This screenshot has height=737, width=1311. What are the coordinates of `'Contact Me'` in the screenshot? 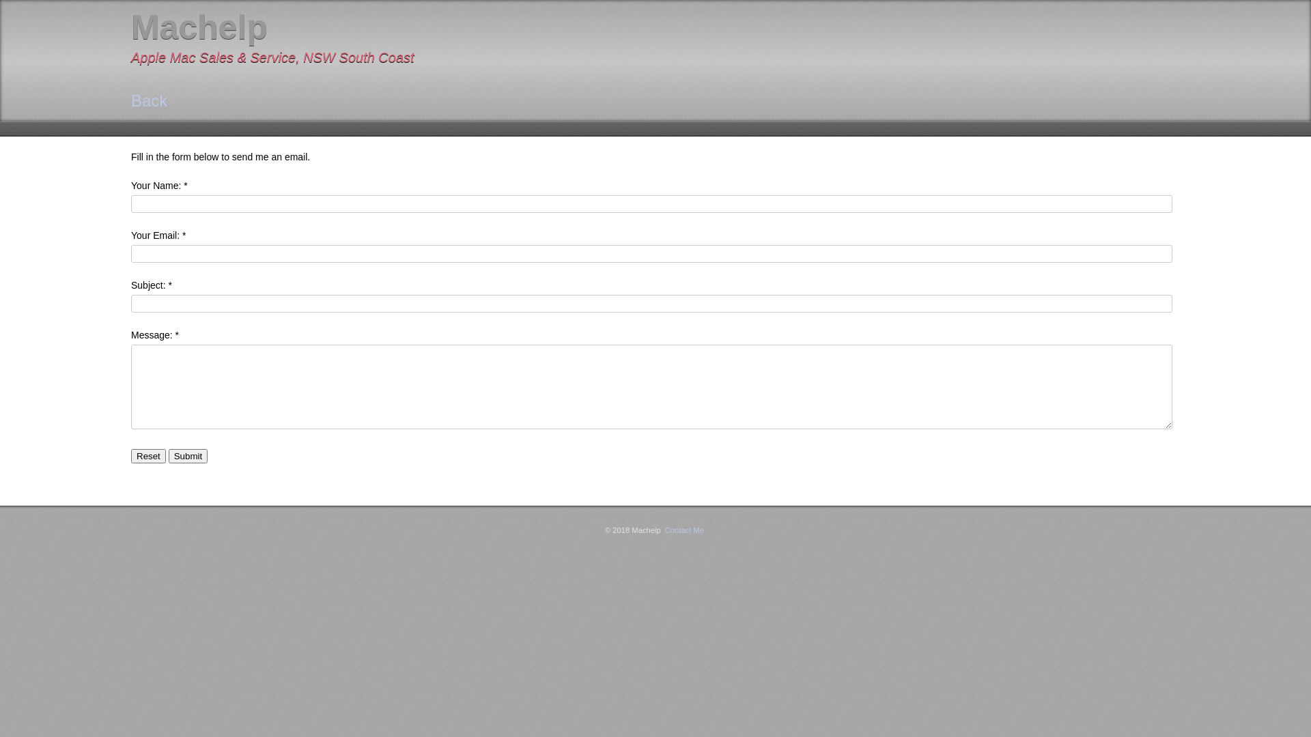 It's located at (684, 529).